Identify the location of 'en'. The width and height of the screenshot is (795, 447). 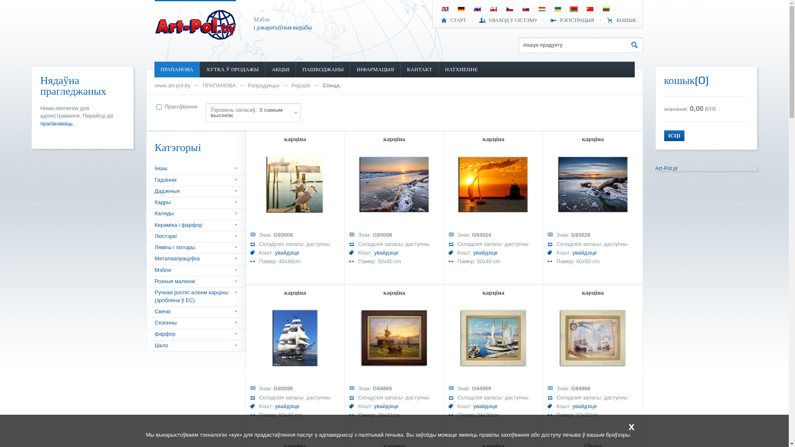
(441, 9).